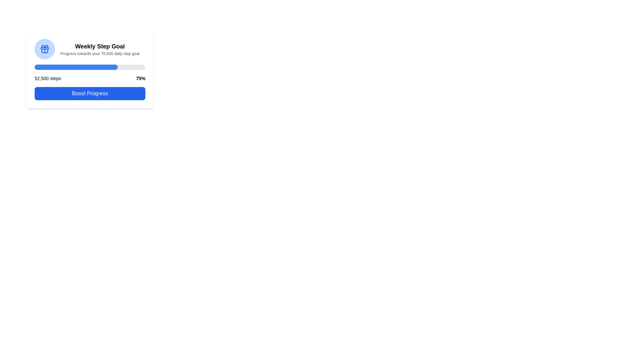 Image resolution: width=633 pixels, height=356 pixels. I want to click on the text label at the top-center of the card that summarizes the step goal tracking content, so click(99, 46).